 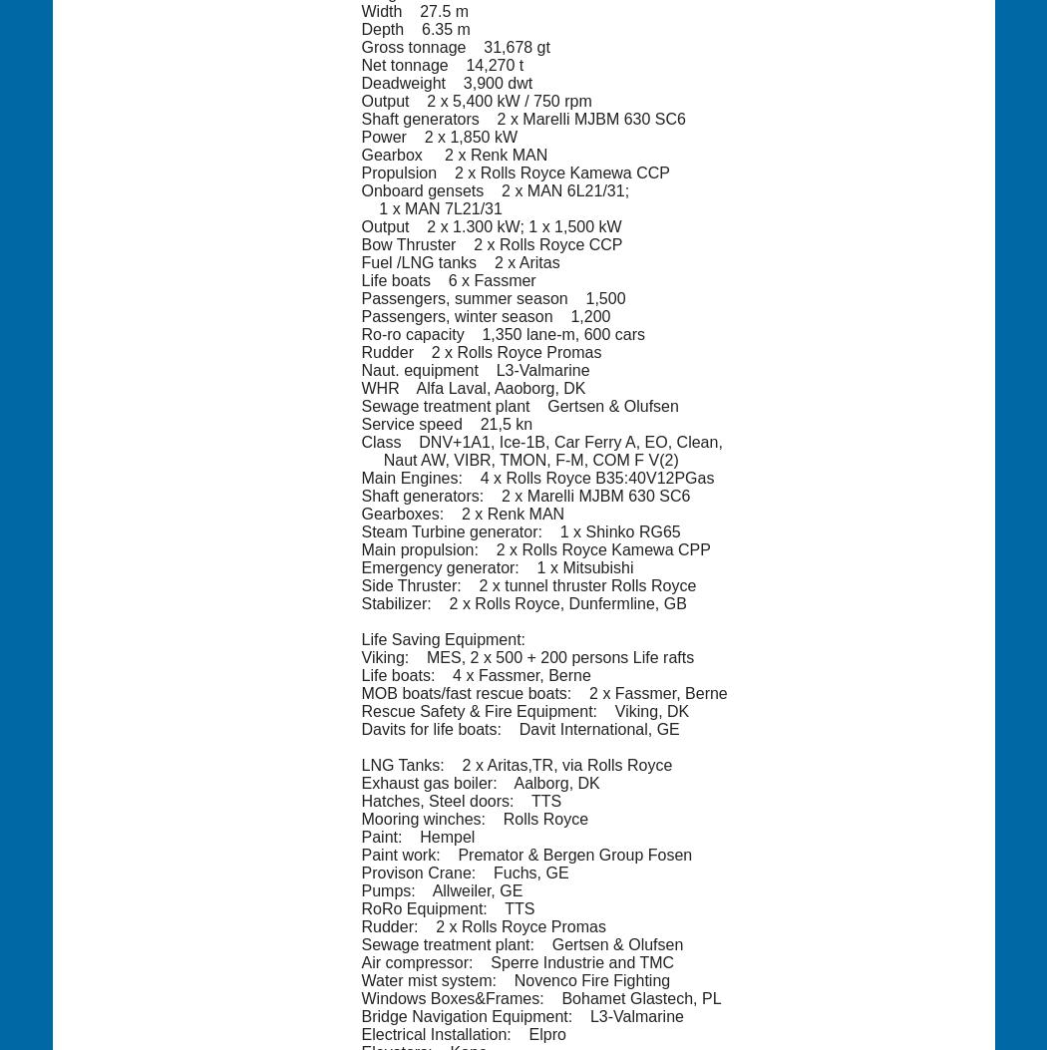 I want to click on 'RoRo Equipment:    TTS', so click(x=446, y=906).